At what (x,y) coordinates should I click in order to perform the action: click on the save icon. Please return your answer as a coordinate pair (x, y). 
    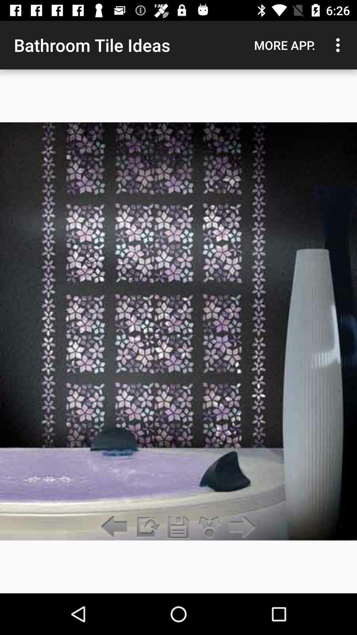
    Looking at the image, I should click on (178, 527).